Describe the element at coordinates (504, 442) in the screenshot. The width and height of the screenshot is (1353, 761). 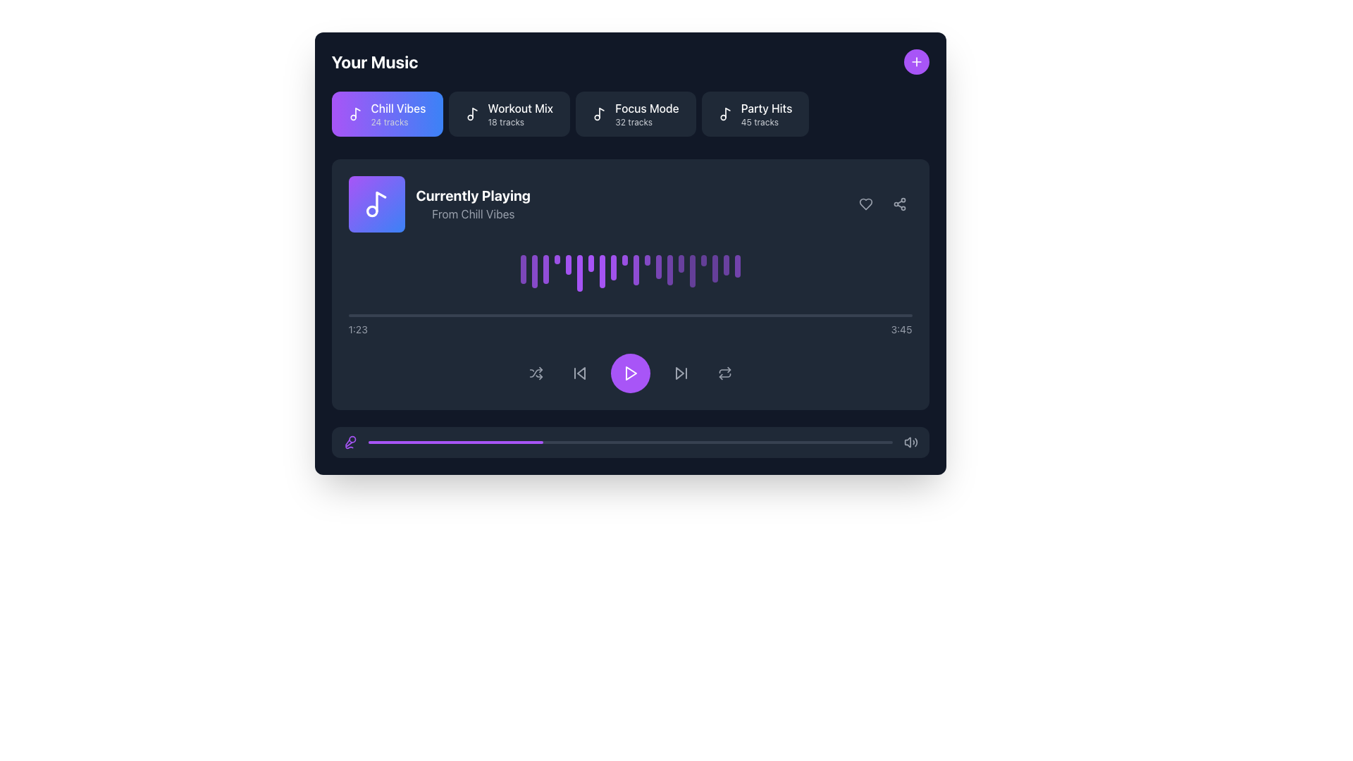
I see `the music progress bar` at that location.